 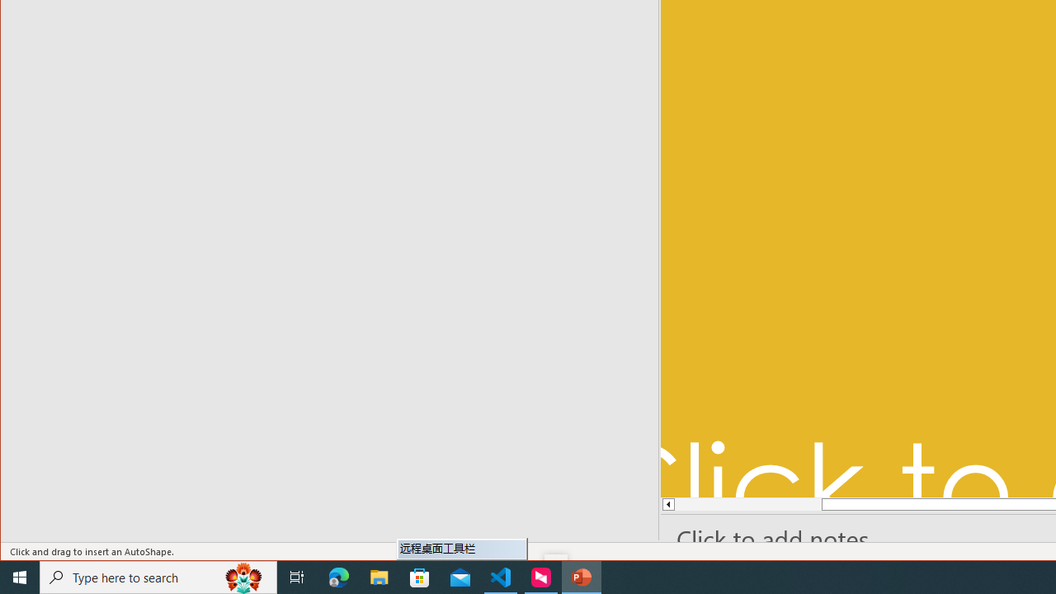 I want to click on 'PowerPoint - 1 running window', so click(x=582, y=576).